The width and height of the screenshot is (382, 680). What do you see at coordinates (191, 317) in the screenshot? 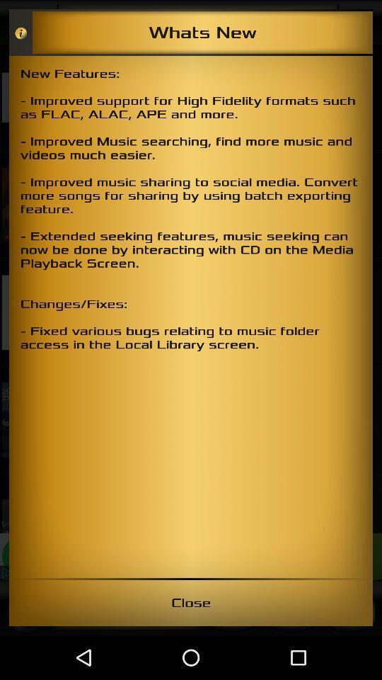
I see `new features improved at the center` at bounding box center [191, 317].